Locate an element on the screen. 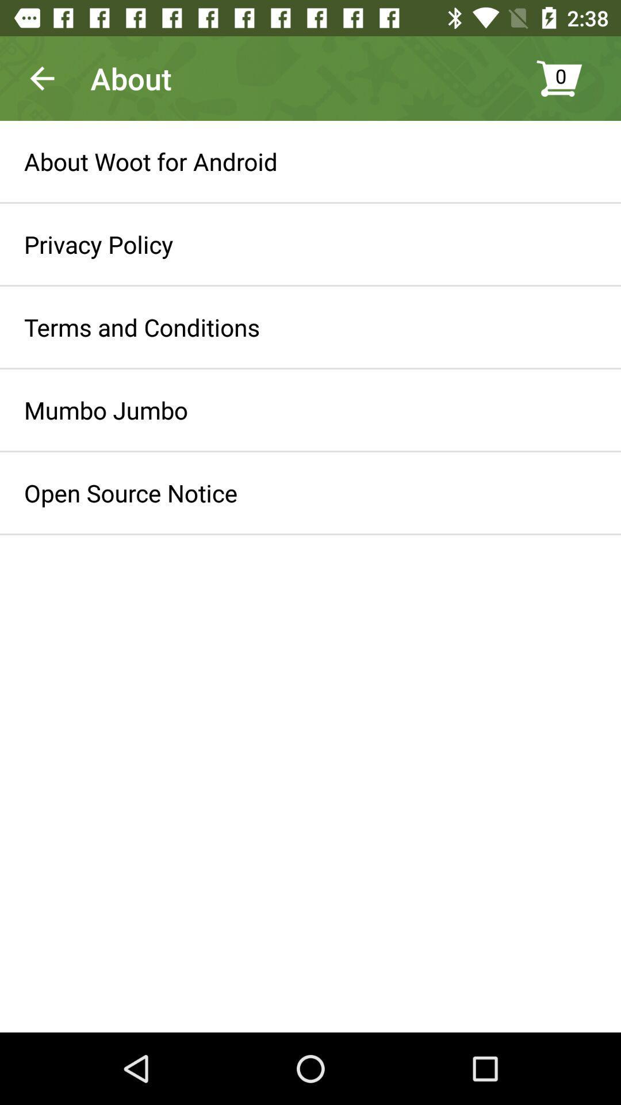 Image resolution: width=621 pixels, height=1105 pixels. the app to the left of the about is located at coordinates (41, 78).